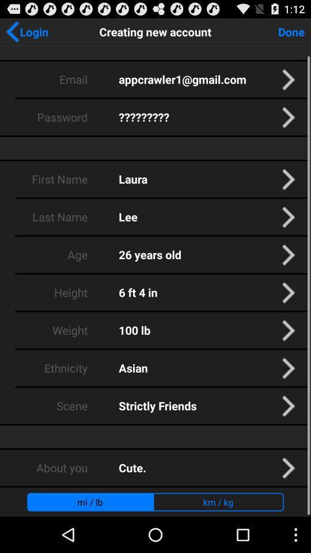 The width and height of the screenshot is (311, 553). I want to click on the text done, so click(292, 31).